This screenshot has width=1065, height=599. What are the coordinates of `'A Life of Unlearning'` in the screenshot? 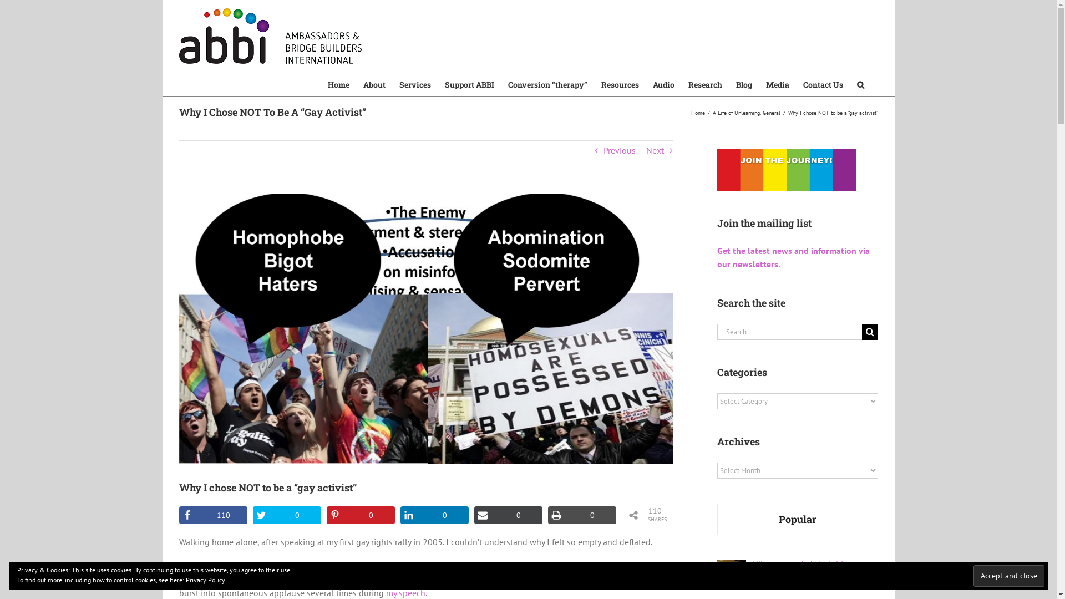 It's located at (736, 112).